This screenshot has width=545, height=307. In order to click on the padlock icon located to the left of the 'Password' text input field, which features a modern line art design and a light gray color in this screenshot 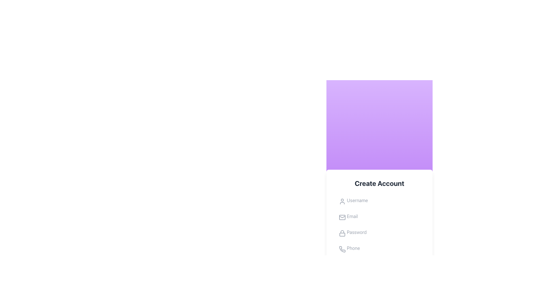, I will do `click(342, 233)`.